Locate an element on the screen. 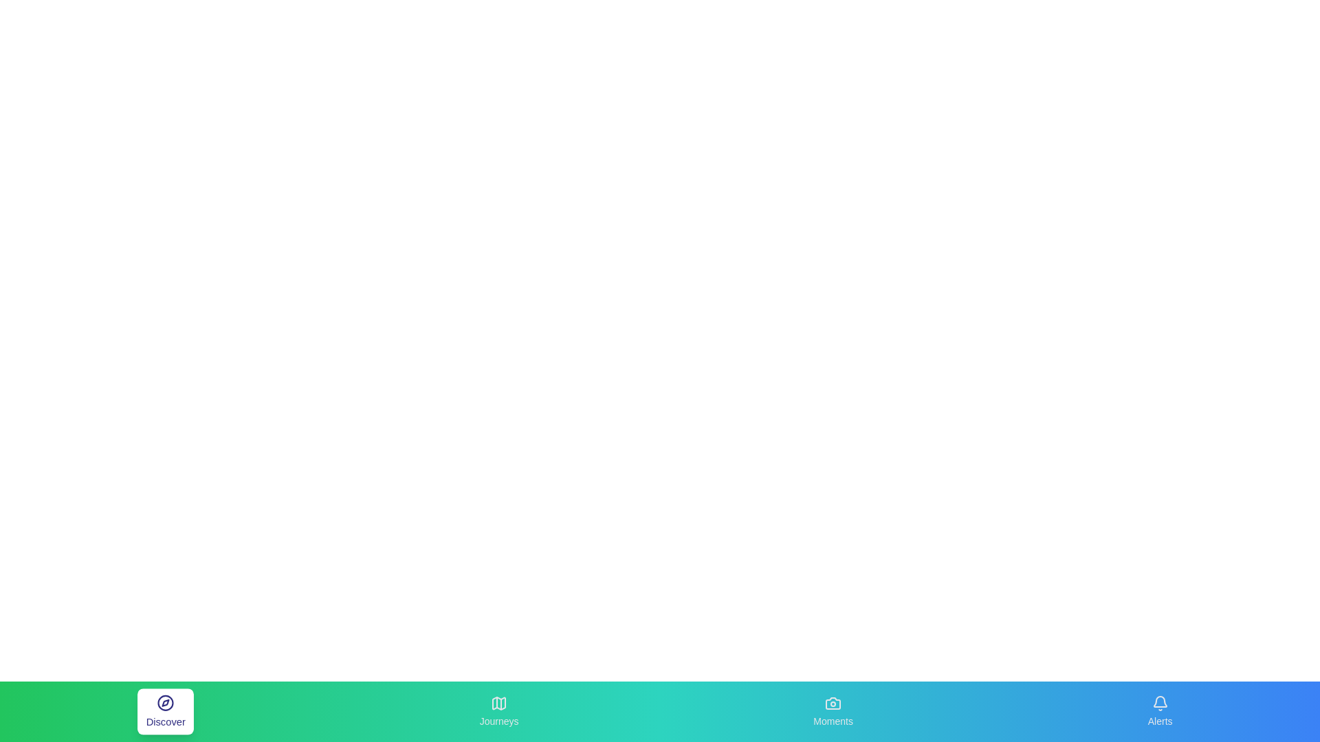  the Discover tab by clicking on its icon or label is located at coordinates (165, 711).